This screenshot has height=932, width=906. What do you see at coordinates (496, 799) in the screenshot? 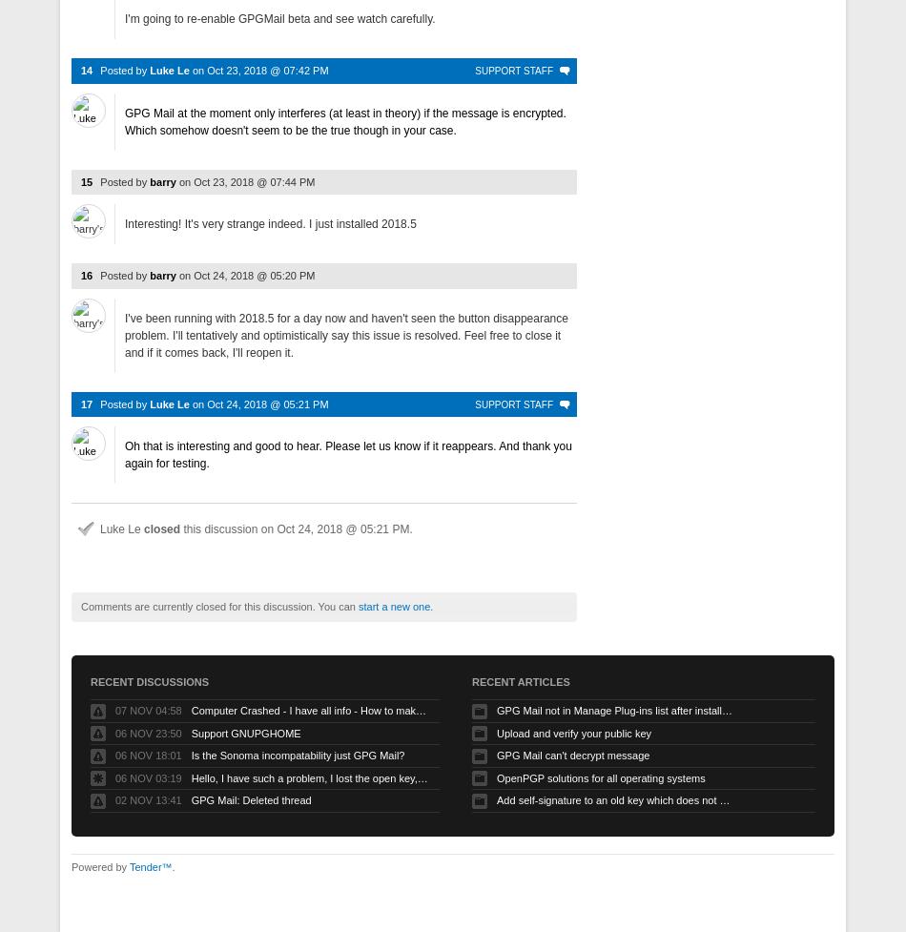
I see `'Add self-signature to an old key which does not have one'` at bounding box center [496, 799].